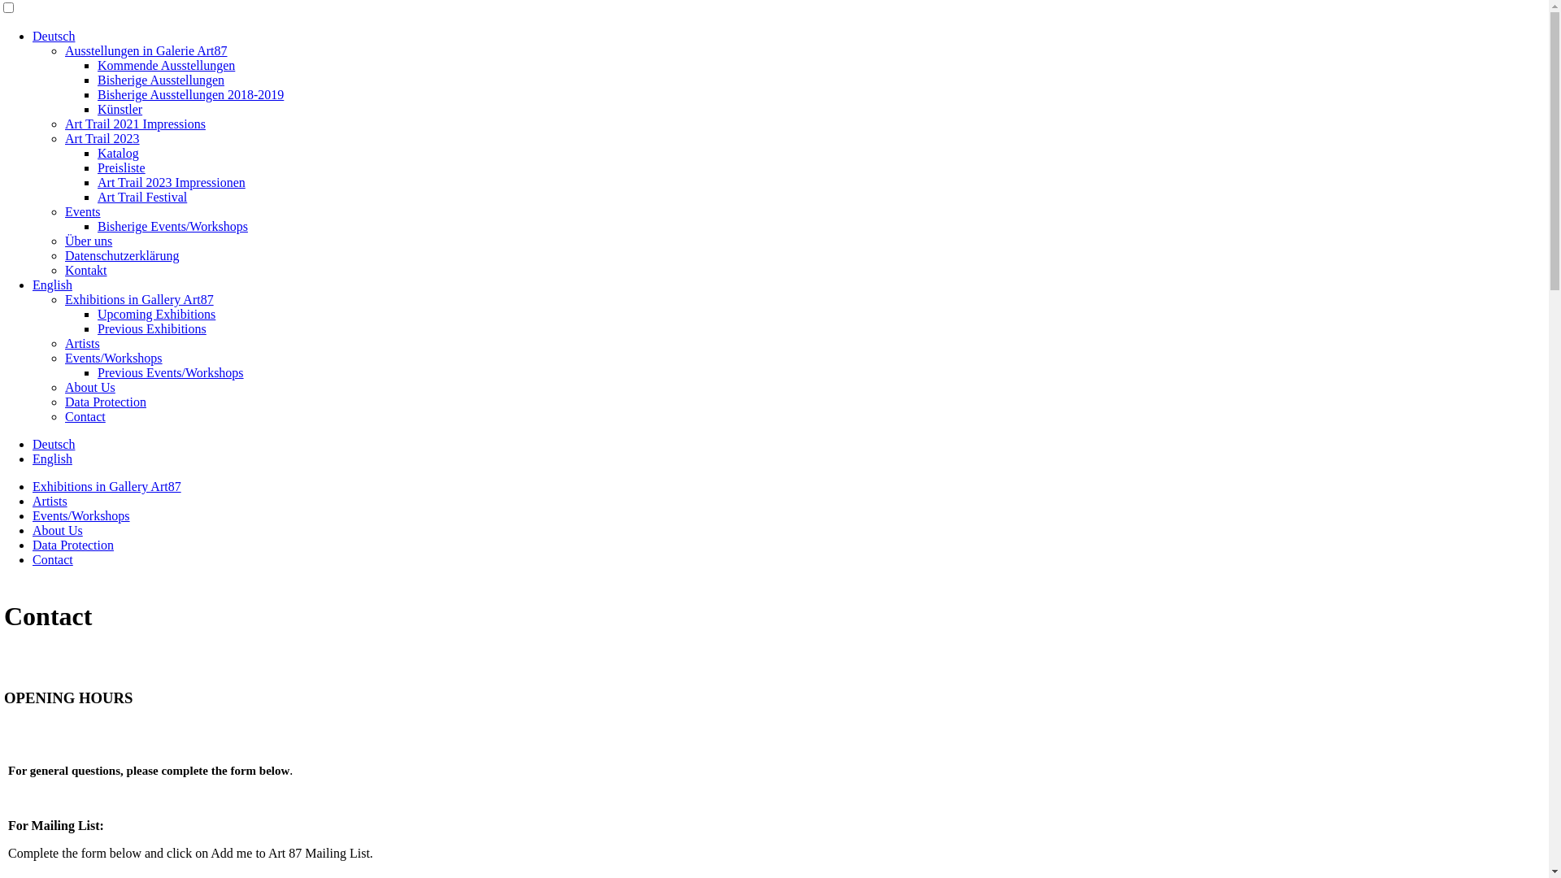 The height and width of the screenshot is (878, 1561). I want to click on 'Events/Workshops', so click(112, 357).